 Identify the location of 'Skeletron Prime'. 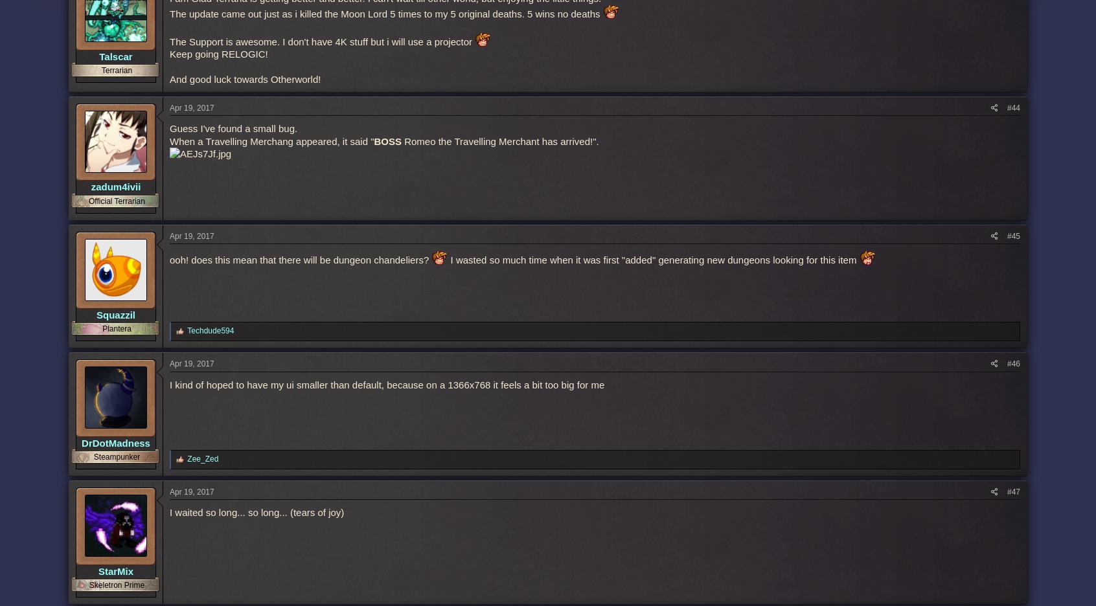
(116, 584).